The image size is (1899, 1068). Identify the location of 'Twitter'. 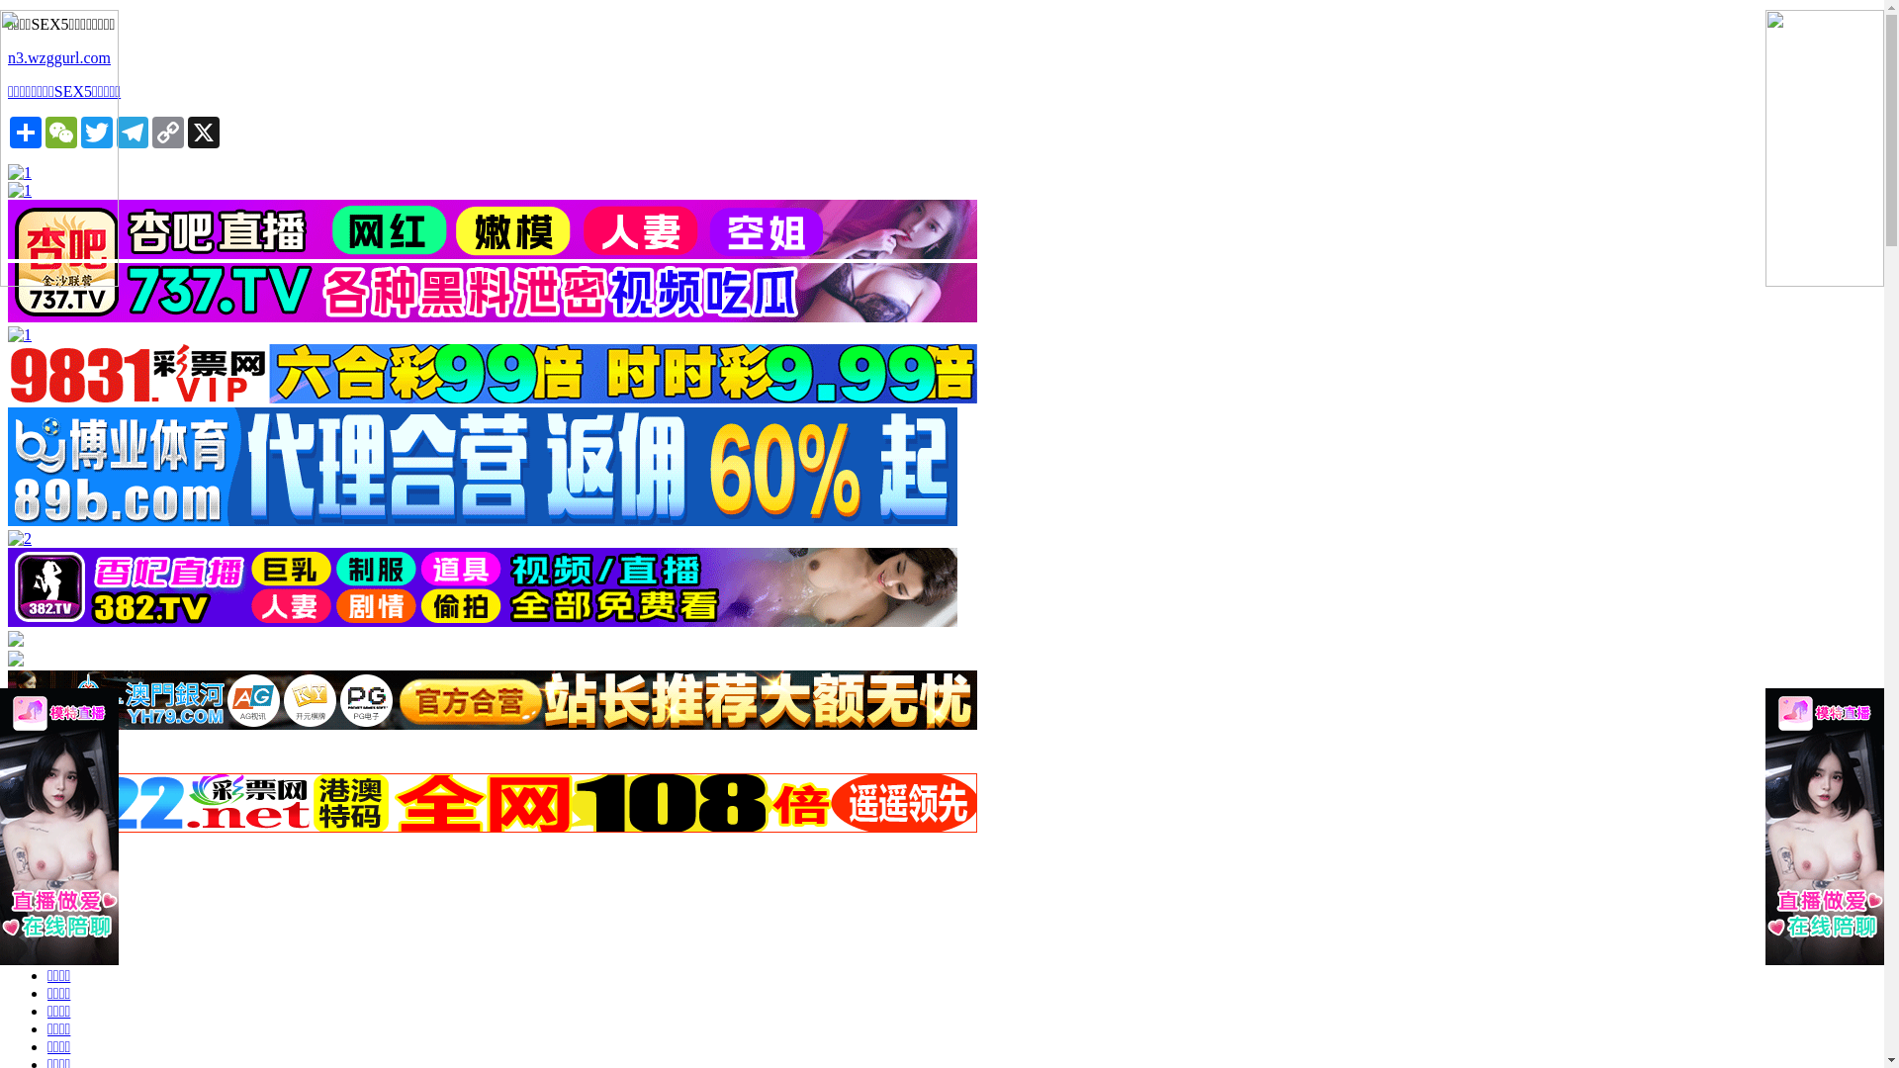
(95, 133).